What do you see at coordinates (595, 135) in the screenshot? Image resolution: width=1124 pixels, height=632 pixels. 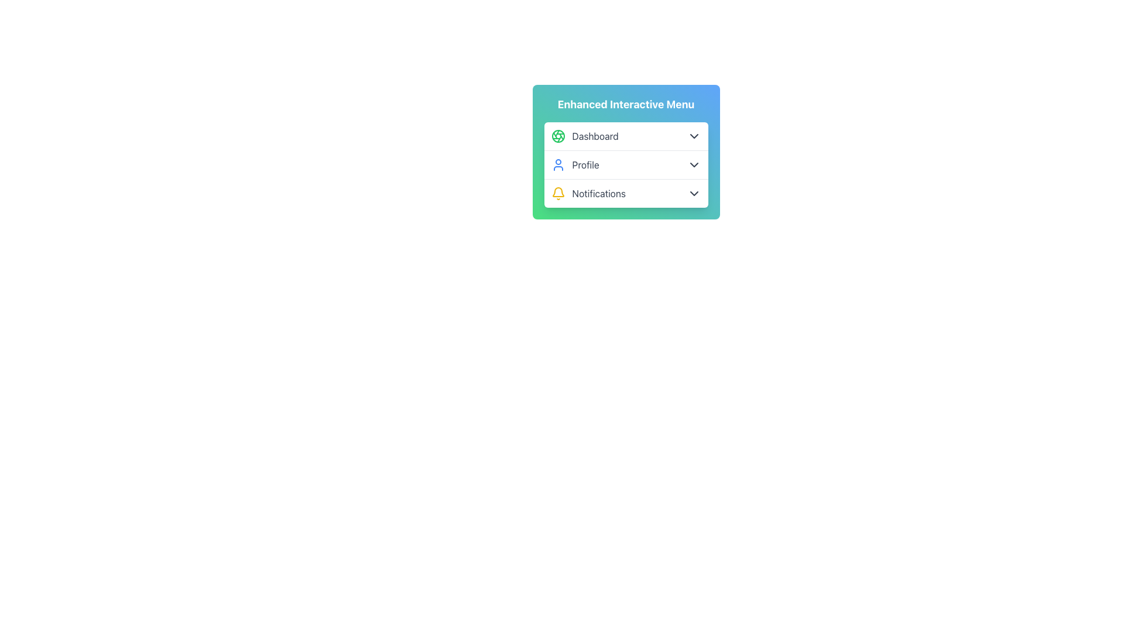 I see `the 'Dashboard' text label, which is styled with a sans-serif font and is positioned next to a green aperture icon in a vertical menu panel` at bounding box center [595, 135].